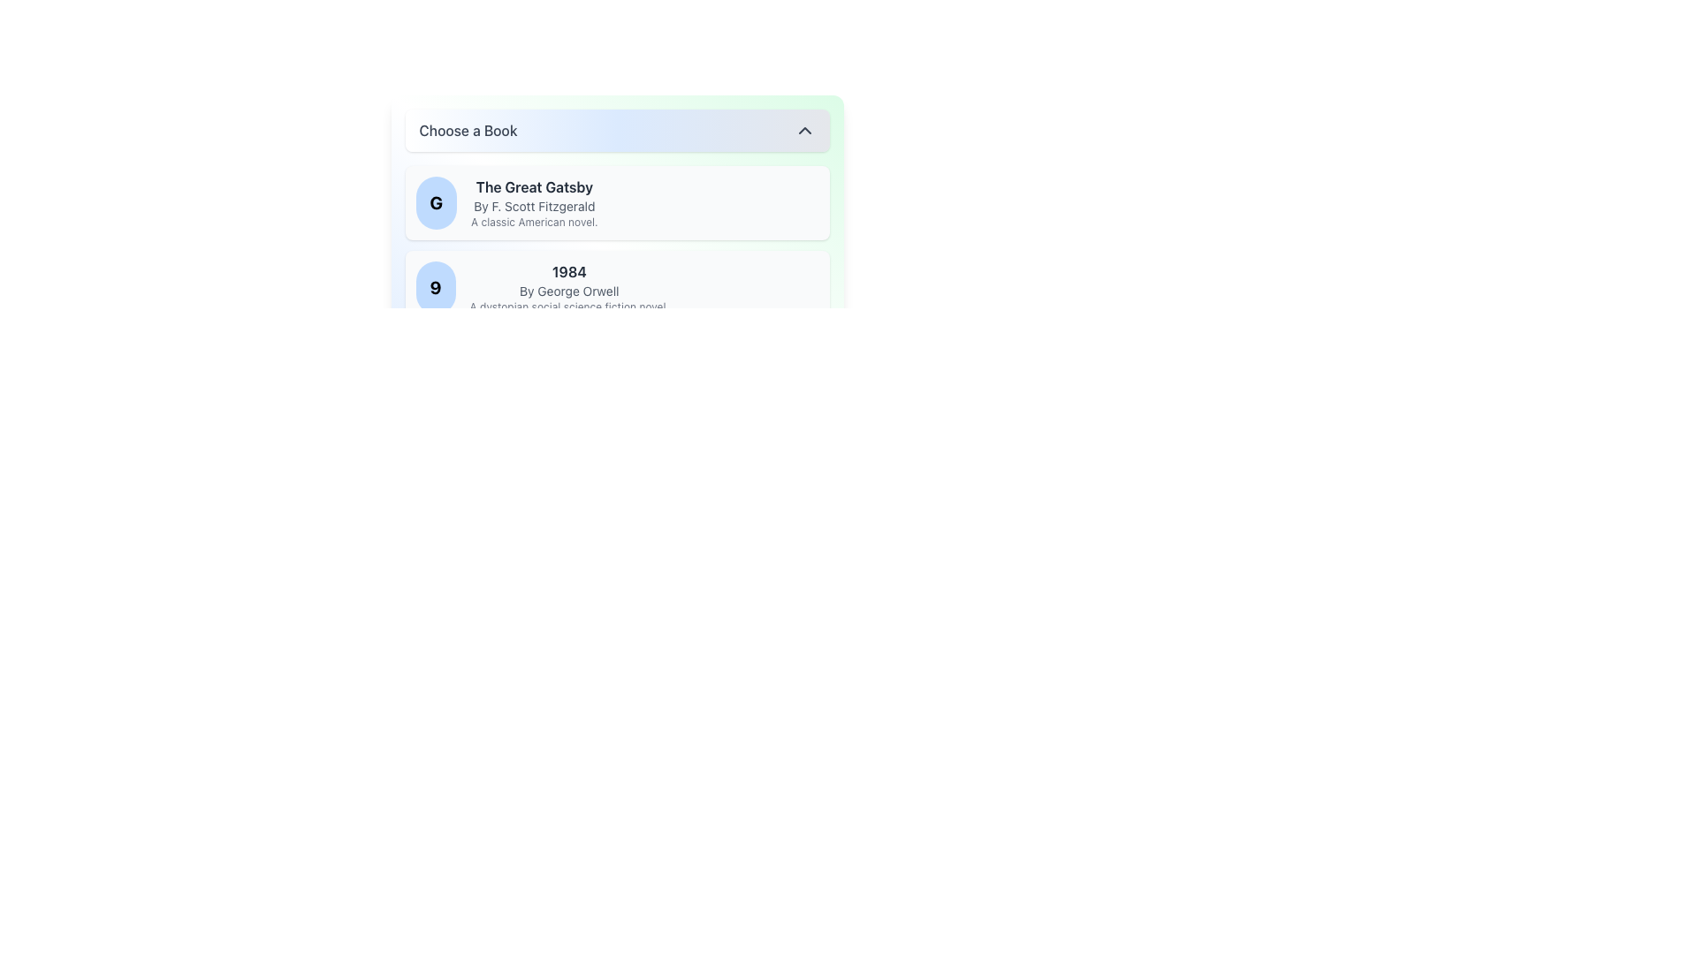 This screenshot has height=954, width=1697. What do you see at coordinates (617, 287) in the screenshot?
I see `an item from the list of books displayed in the main content area under the title 'Choose a Book'` at bounding box center [617, 287].